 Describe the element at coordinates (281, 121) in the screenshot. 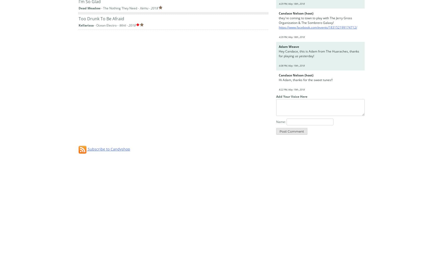

I see `'Name:'` at that location.